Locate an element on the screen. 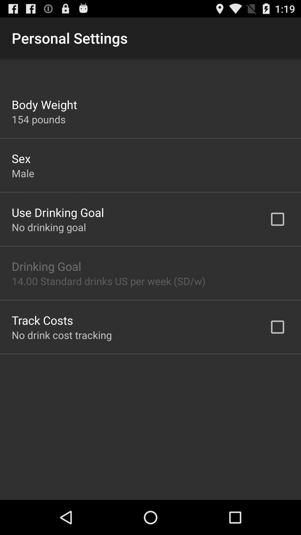 The height and width of the screenshot is (535, 301). icon above sex is located at coordinates (38, 119).